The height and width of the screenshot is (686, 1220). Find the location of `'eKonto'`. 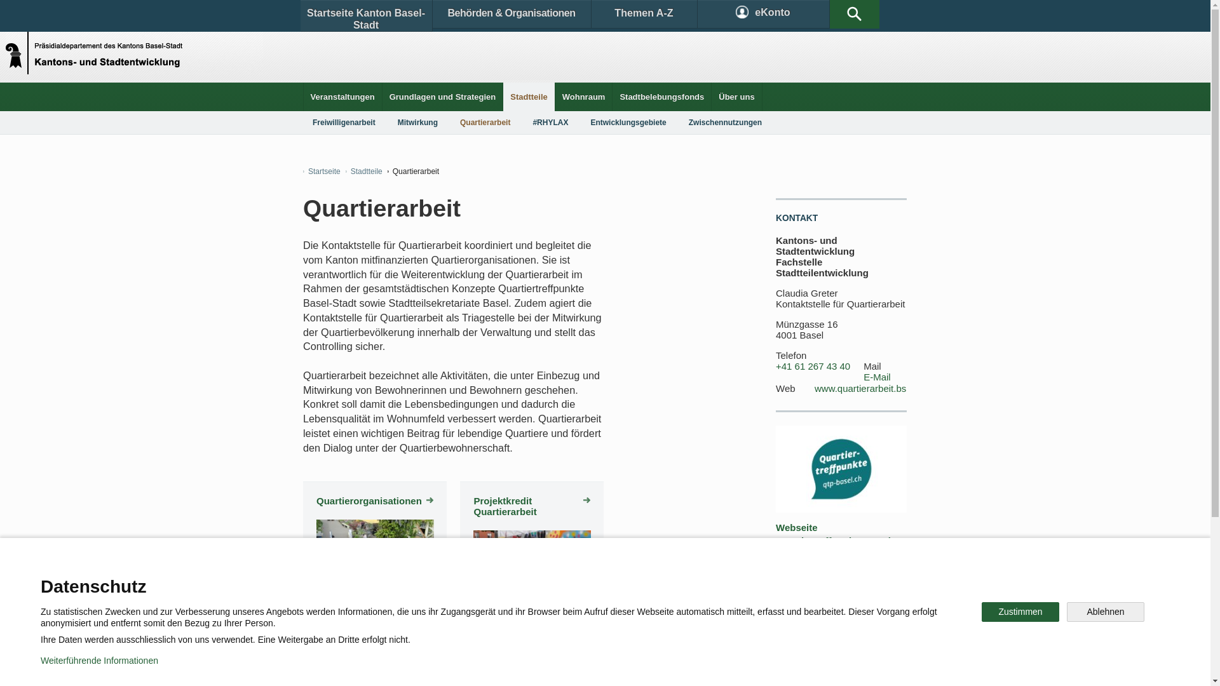

'eKonto' is located at coordinates (762, 14).